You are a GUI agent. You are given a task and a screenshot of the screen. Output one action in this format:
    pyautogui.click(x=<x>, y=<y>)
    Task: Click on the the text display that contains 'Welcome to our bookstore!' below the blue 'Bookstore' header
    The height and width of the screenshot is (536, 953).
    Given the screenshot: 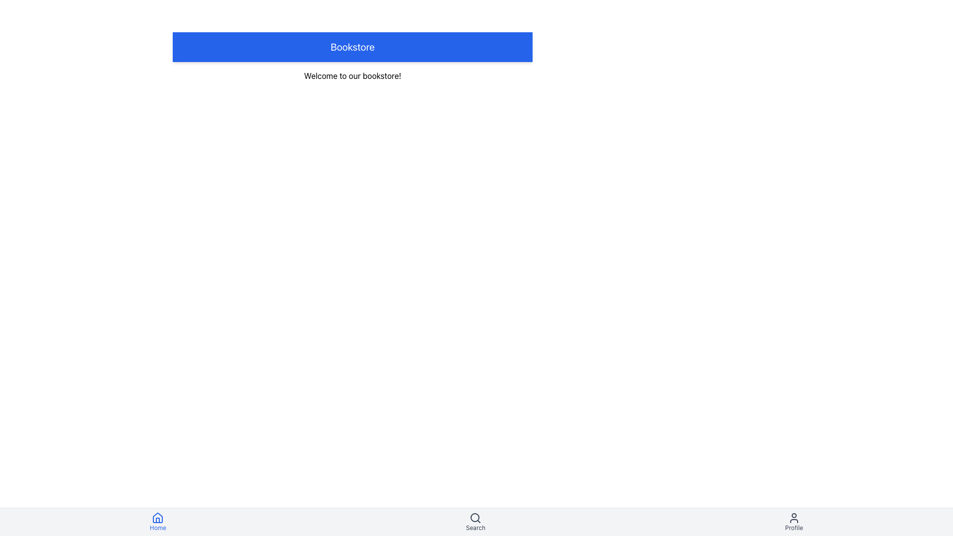 What is the action you would take?
    pyautogui.click(x=352, y=75)
    